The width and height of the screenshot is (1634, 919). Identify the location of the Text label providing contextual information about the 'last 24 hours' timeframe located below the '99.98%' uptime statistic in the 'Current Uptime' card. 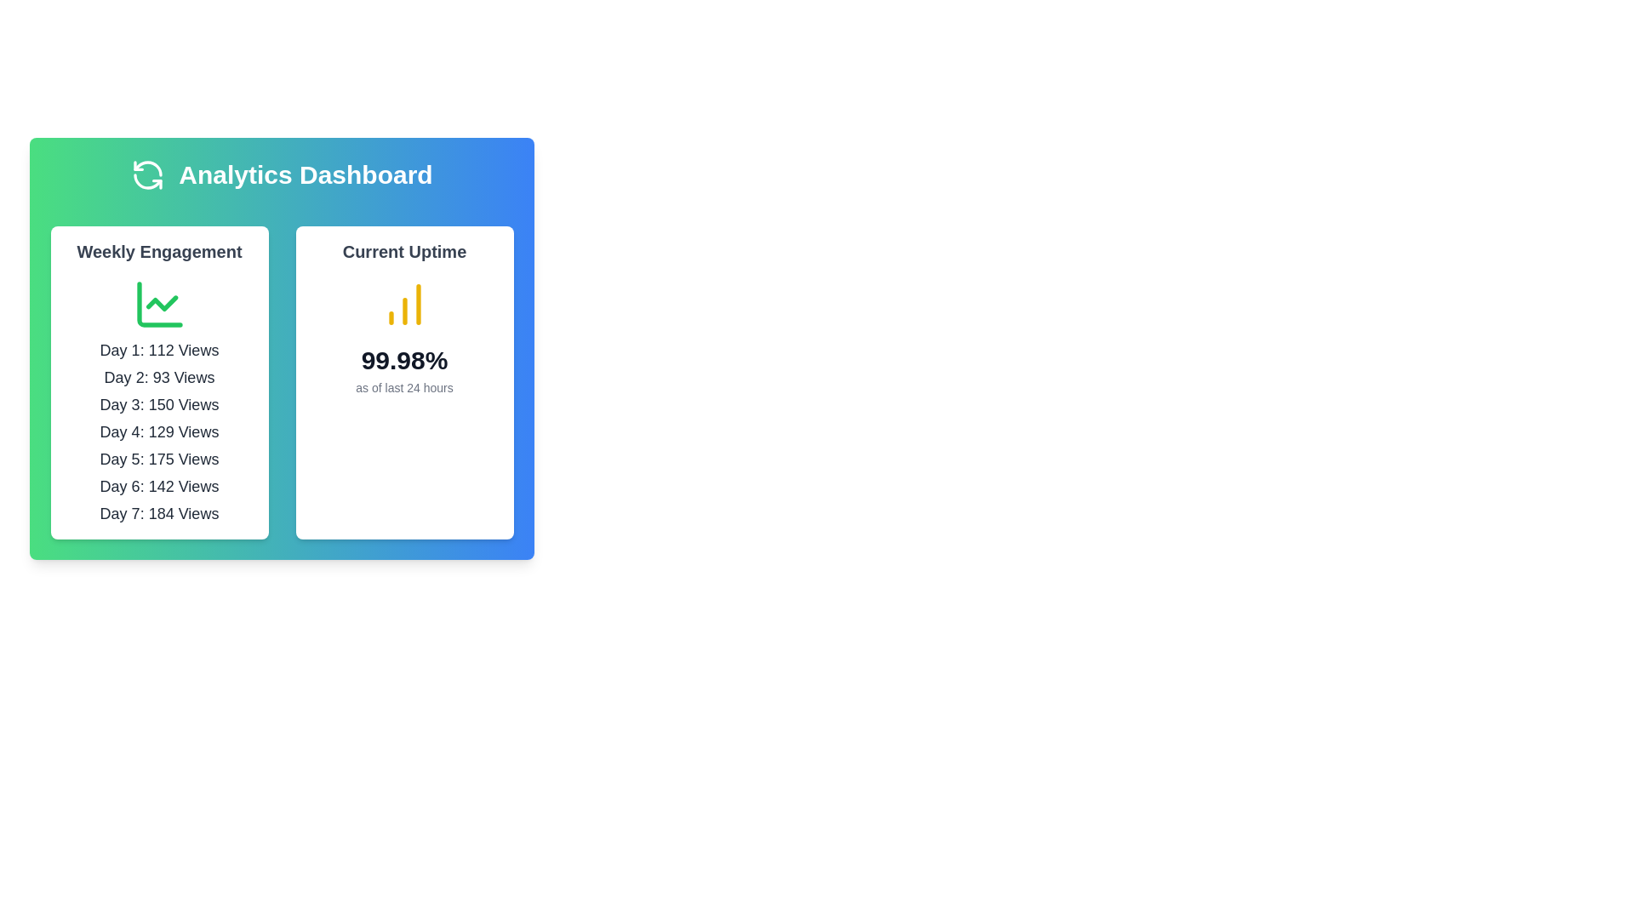
(403, 387).